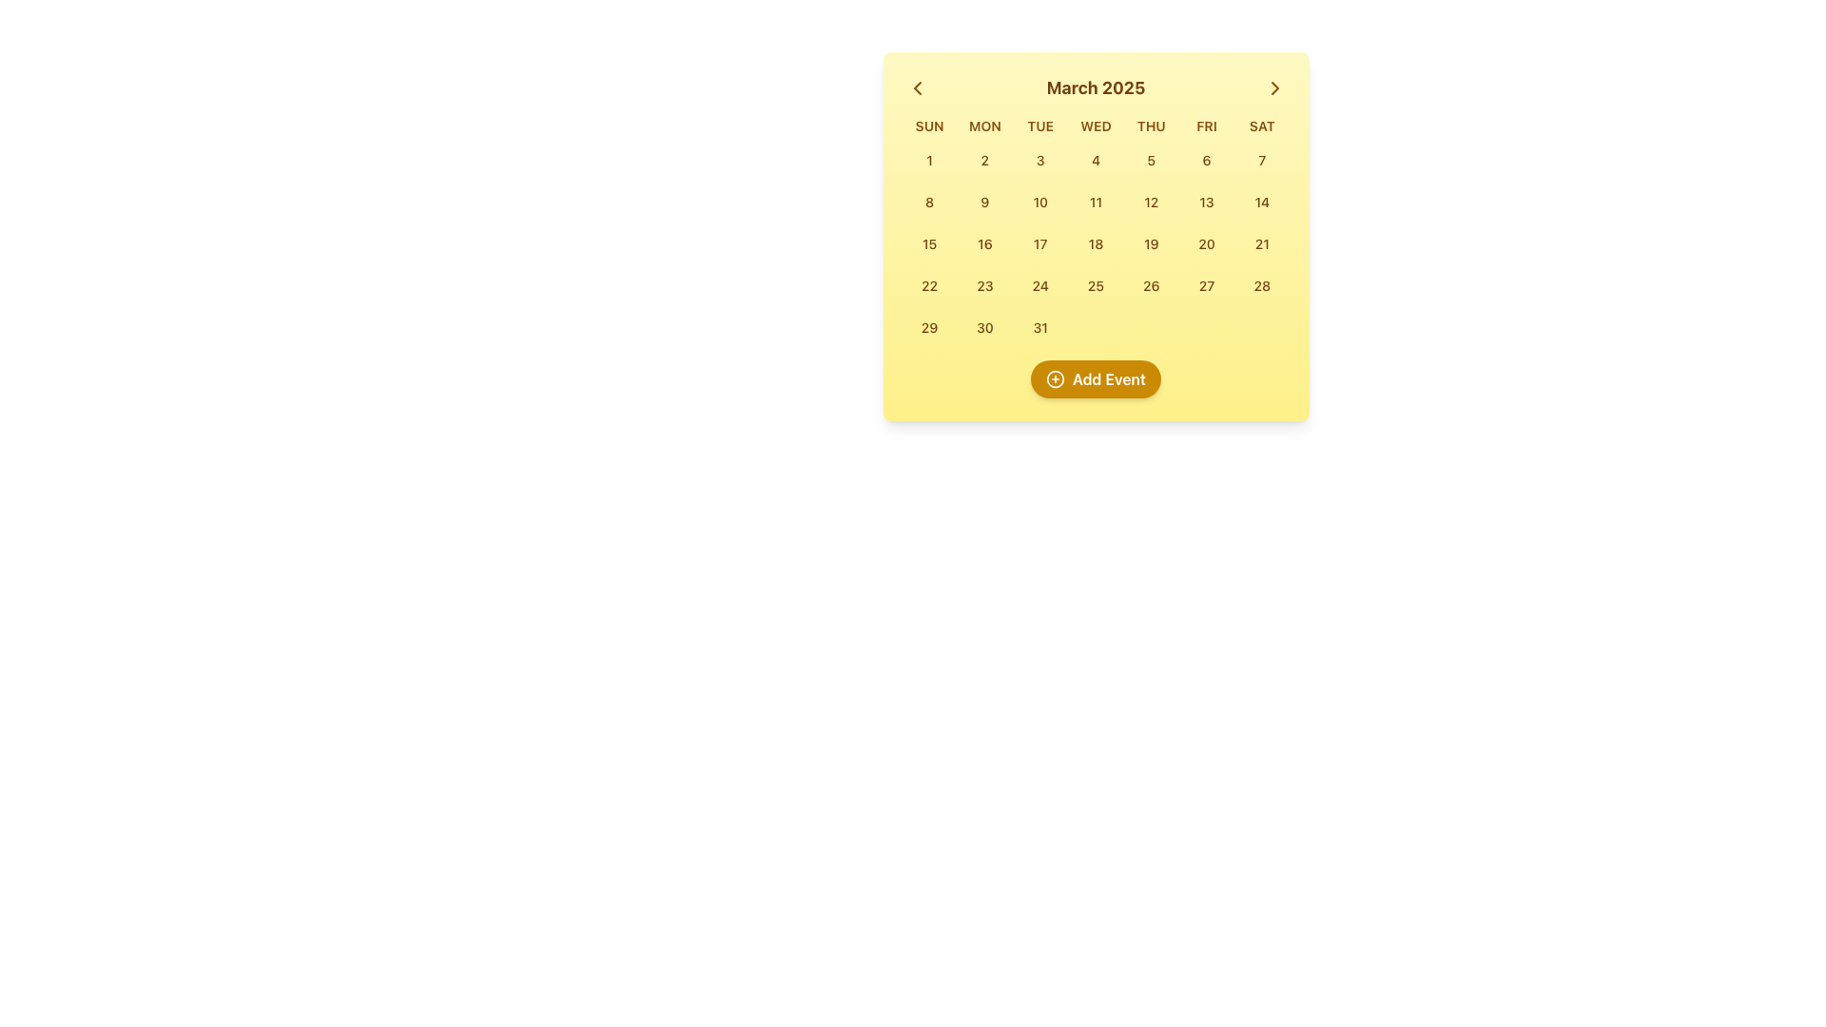  Describe the element at coordinates (1206, 126) in the screenshot. I see `the text label for Friday in the week-view row of the calendar component, which is the sixth item in the sequence of day abbreviations` at that location.